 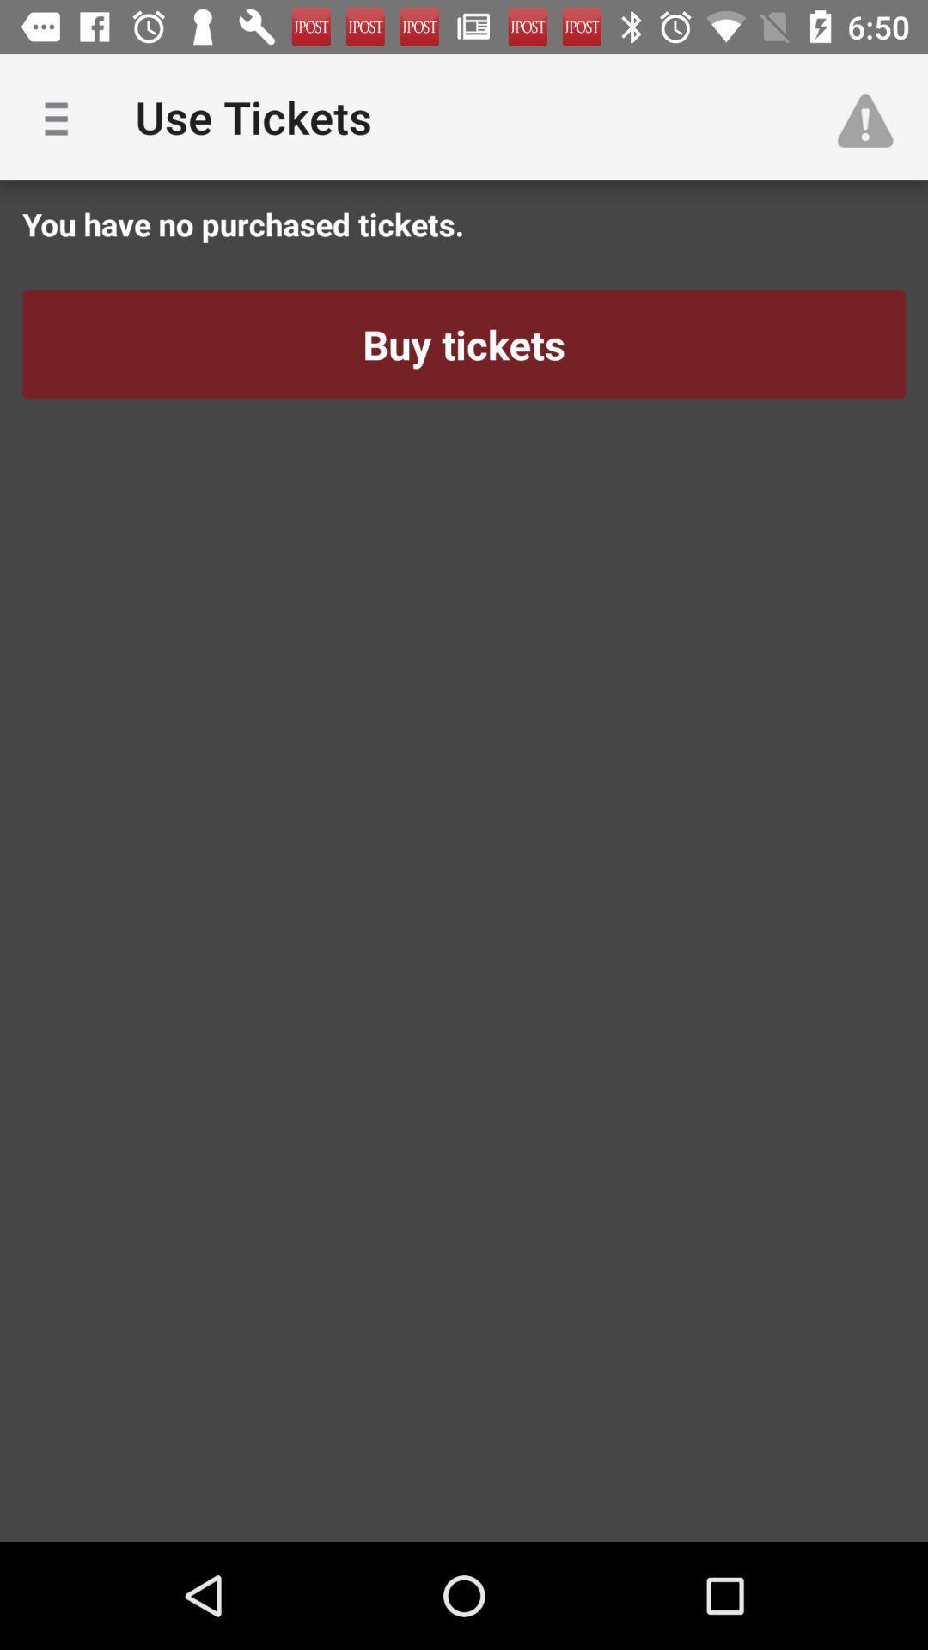 What do you see at coordinates (874, 116) in the screenshot?
I see `the item at the top right corner` at bounding box center [874, 116].